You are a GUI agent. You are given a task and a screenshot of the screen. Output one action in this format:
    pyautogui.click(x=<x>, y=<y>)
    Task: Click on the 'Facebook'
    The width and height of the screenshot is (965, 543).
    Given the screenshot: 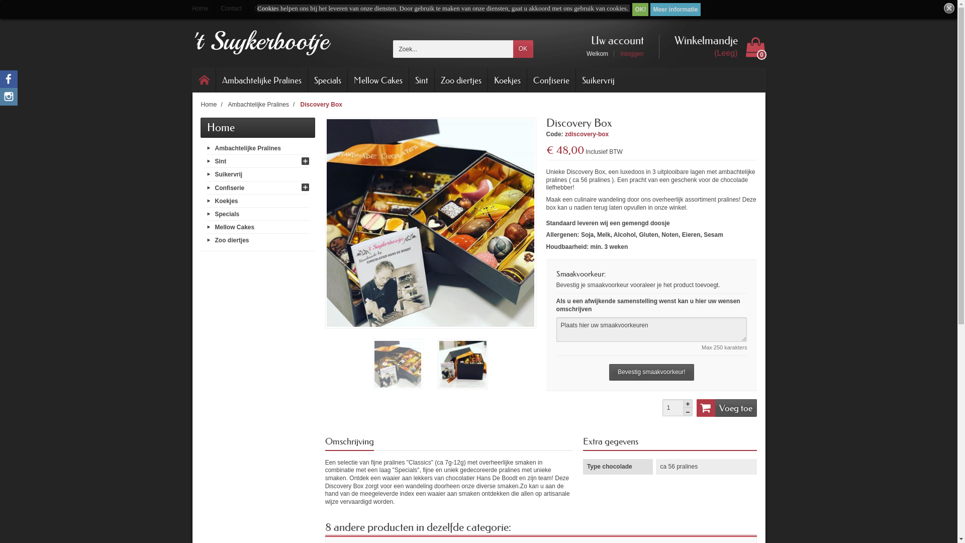 What is the action you would take?
    pyautogui.click(x=9, y=78)
    